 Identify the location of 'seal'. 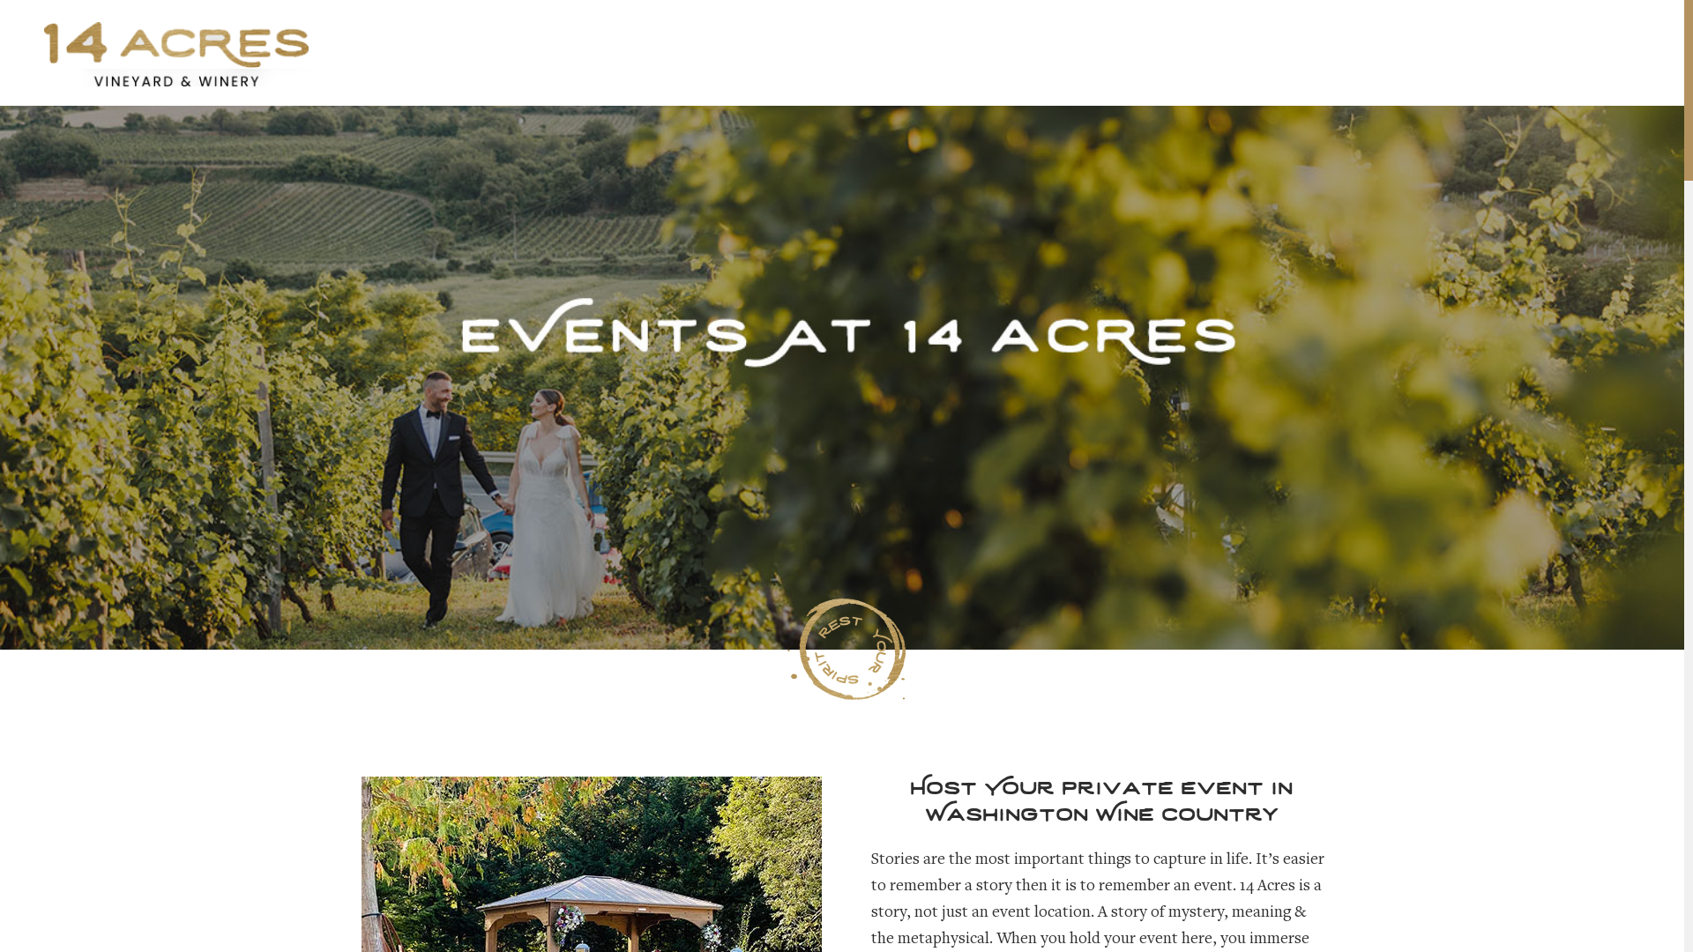
(846, 649).